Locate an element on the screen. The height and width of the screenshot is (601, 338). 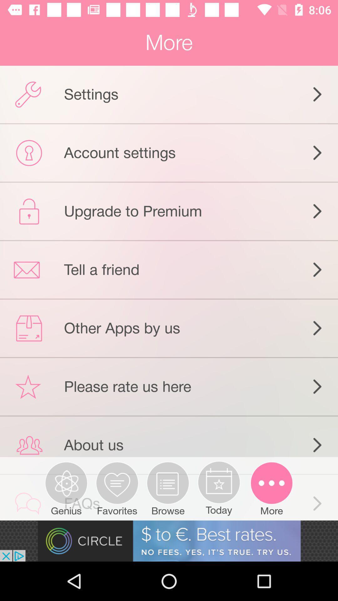
the advertisement is located at coordinates (169, 541).